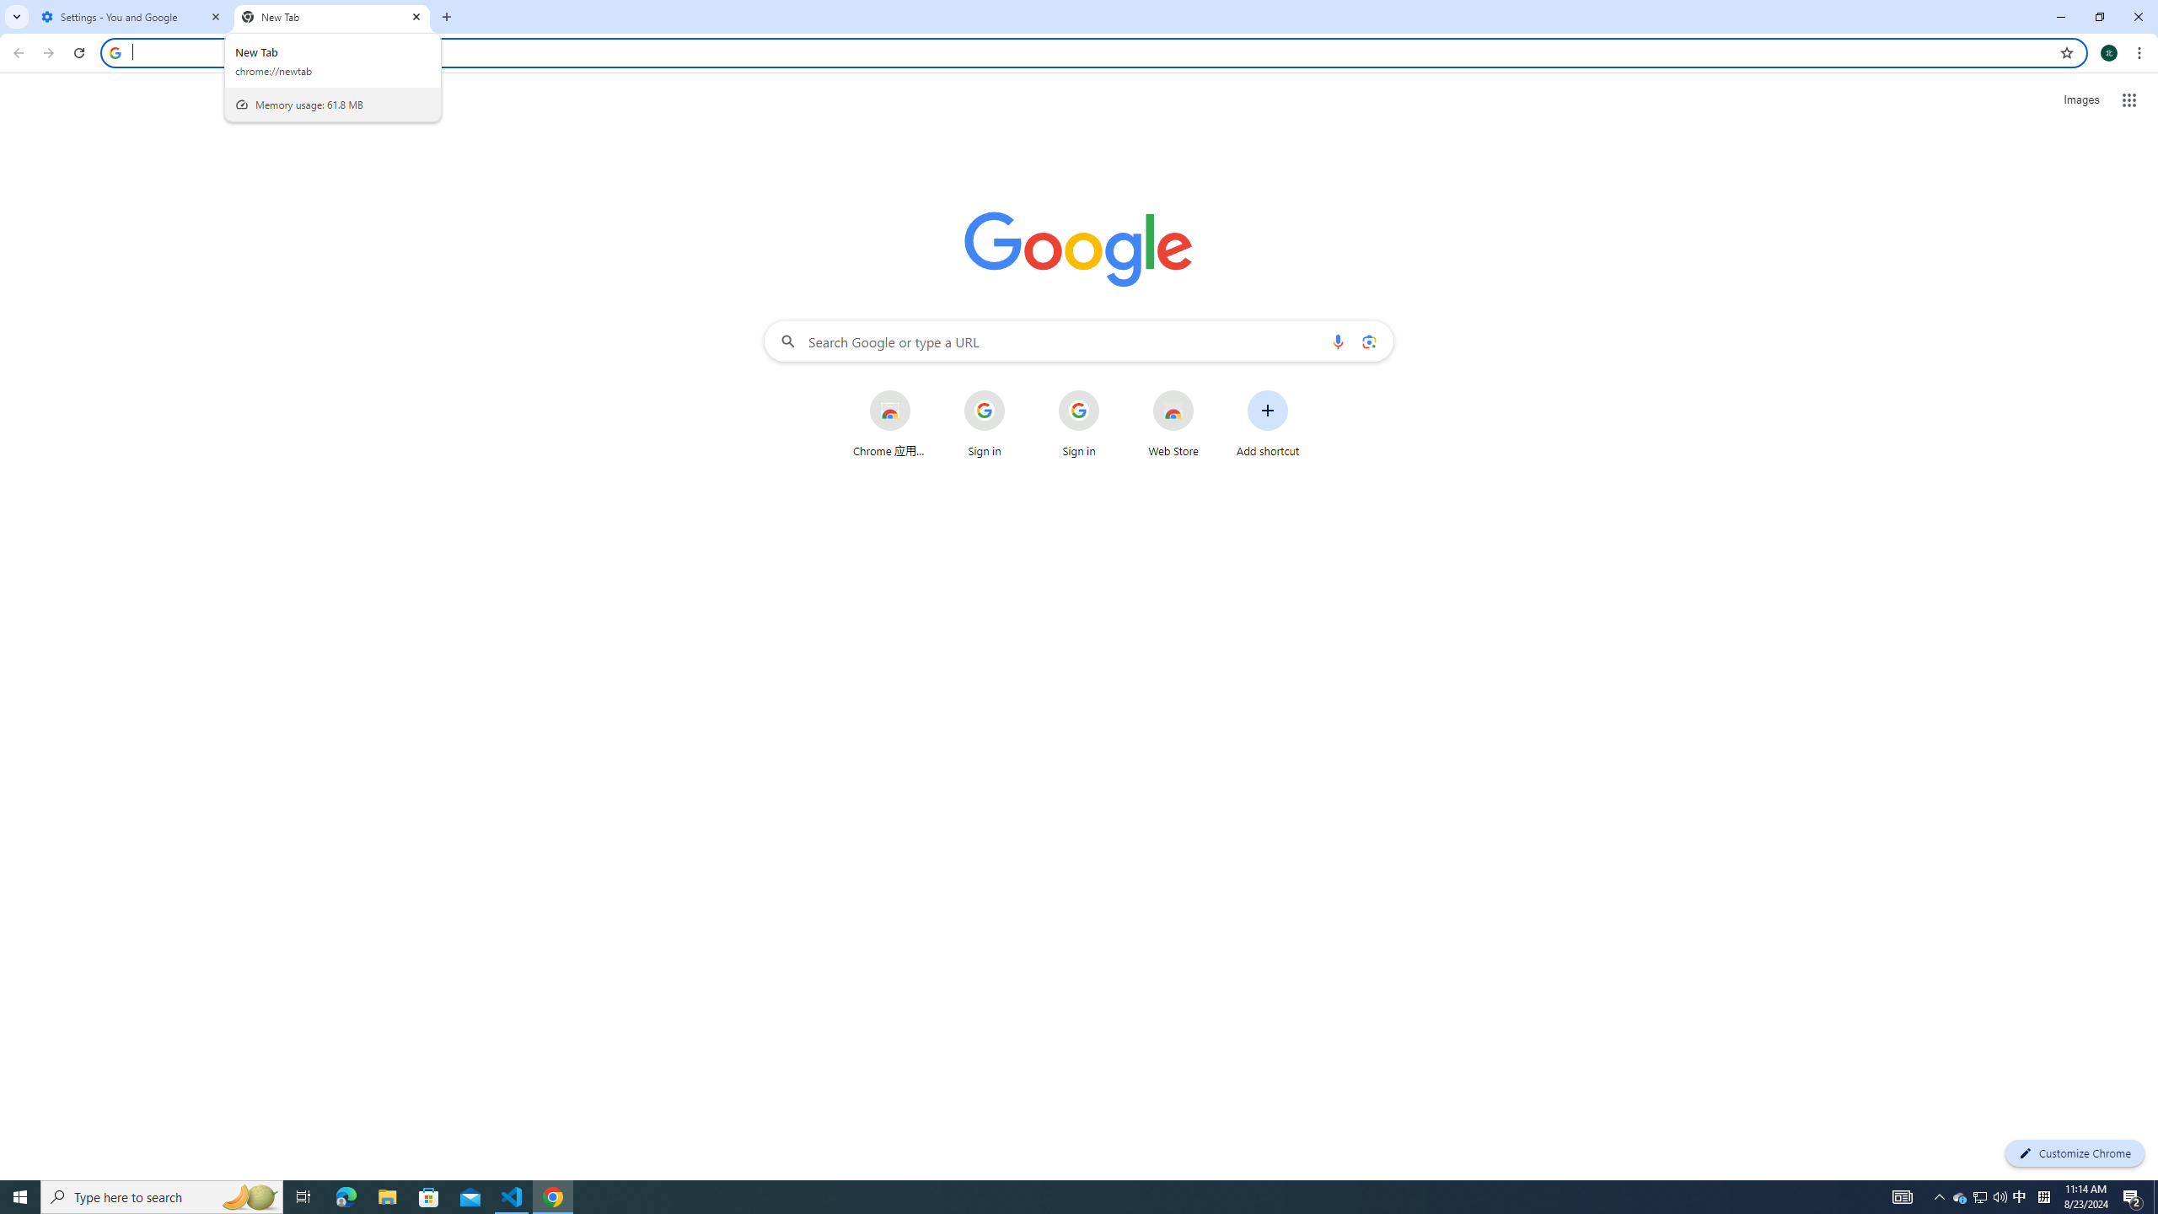  I want to click on 'More actions for Sign in shortcut', so click(1111, 391).